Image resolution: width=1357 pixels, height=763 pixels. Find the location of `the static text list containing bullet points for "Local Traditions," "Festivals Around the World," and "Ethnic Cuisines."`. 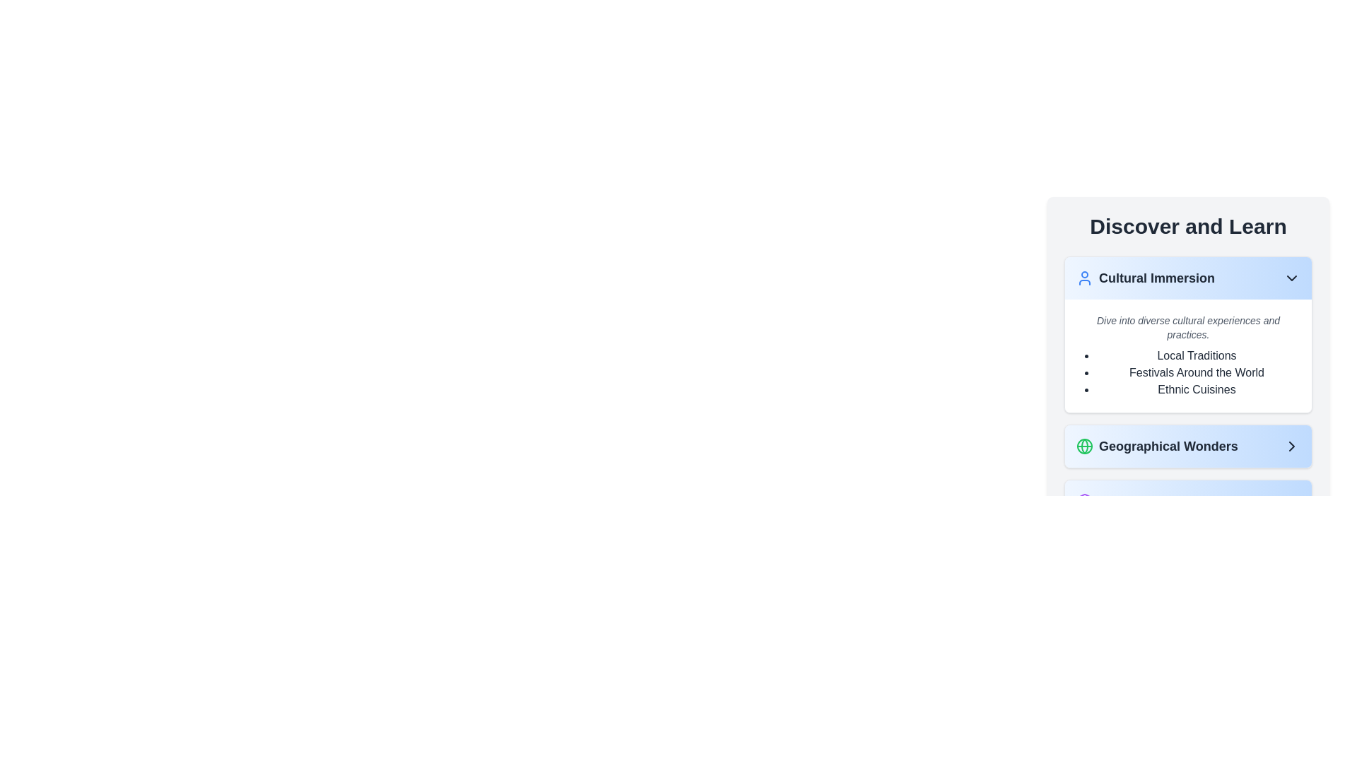

the static text list containing bullet points for "Local Traditions," "Festivals Around the World," and "Ethnic Cuisines." is located at coordinates (1187, 372).